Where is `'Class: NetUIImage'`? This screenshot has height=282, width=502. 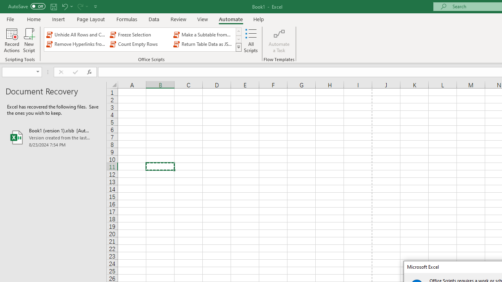 'Class: NetUIImage' is located at coordinates (238, 47).